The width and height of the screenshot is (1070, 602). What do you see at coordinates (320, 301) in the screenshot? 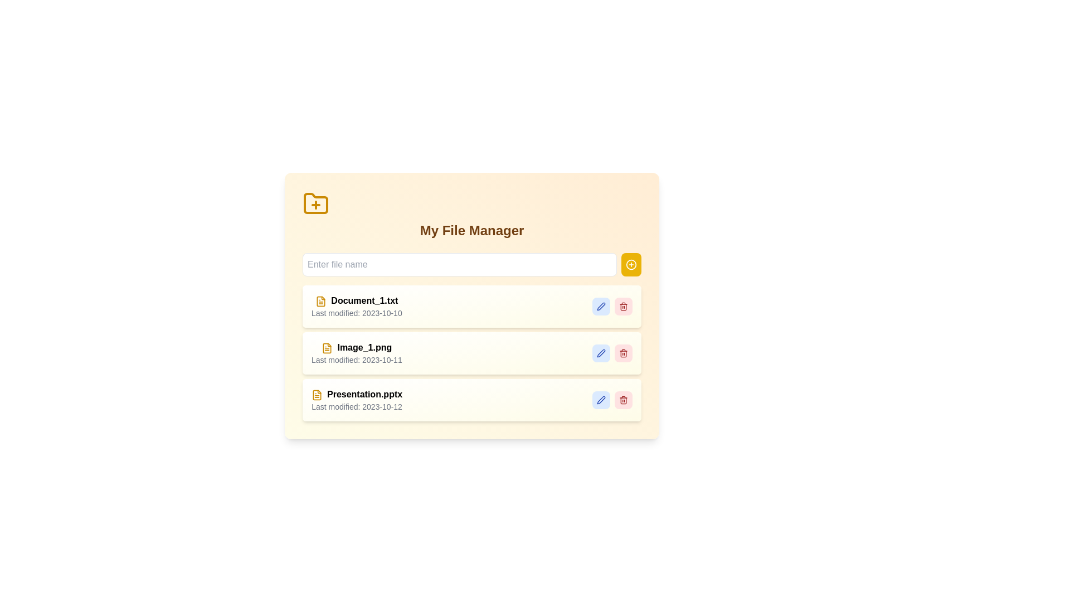
I see `the file icon representing a textual document for 'Document_1.txt' in the file manager interface, which is positioned leftmost before the filename text` at bounding box center [320, 301].